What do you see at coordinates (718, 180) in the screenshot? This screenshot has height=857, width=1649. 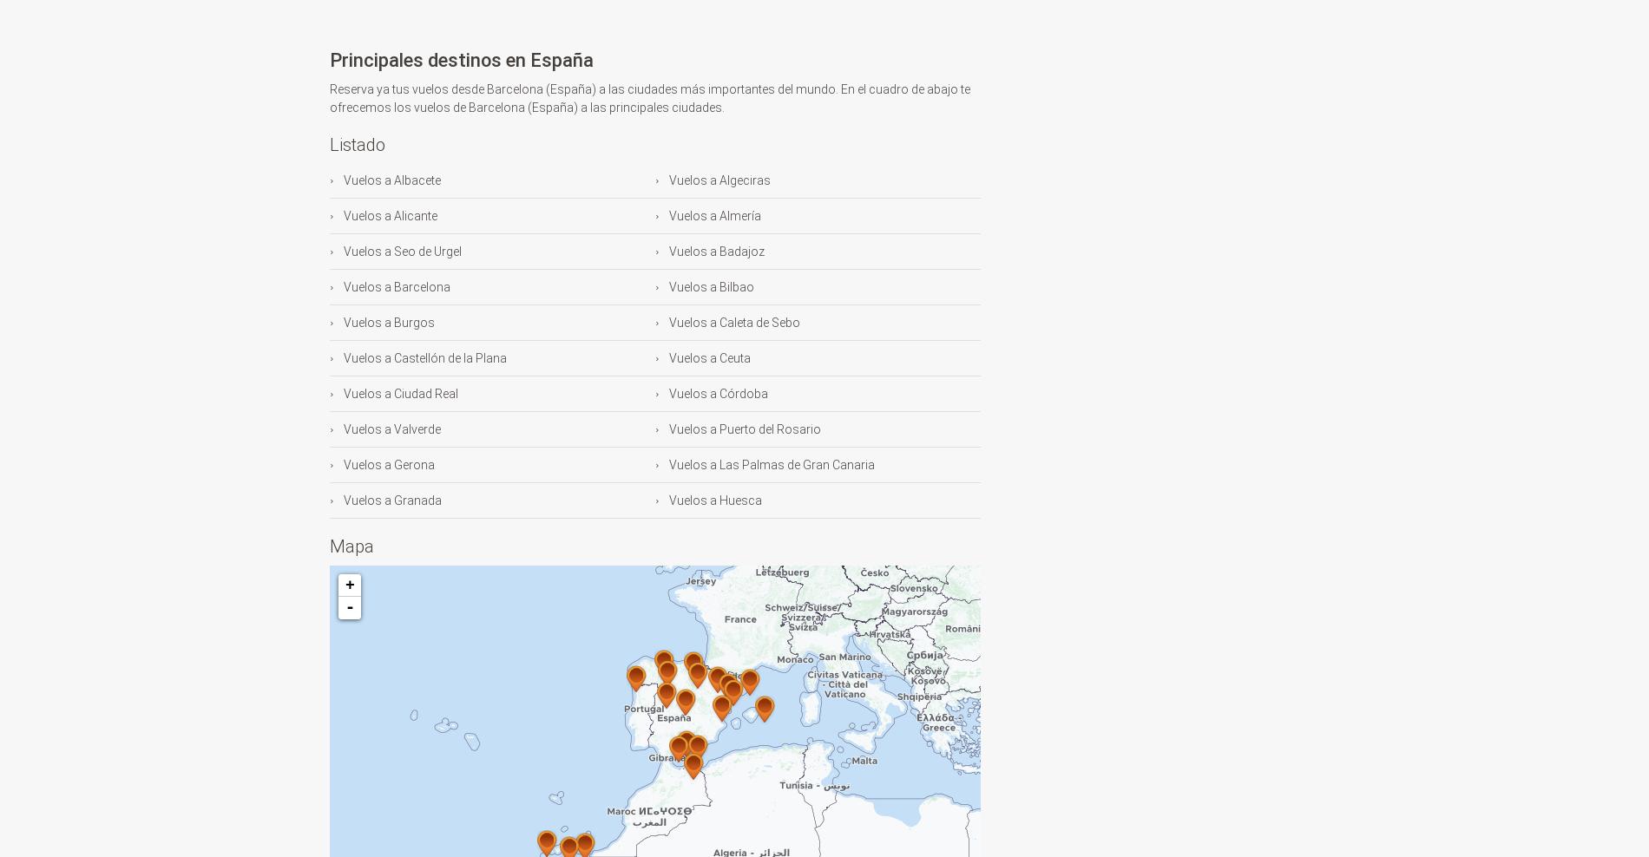 I see `'Vuelos a Algeciras'` at bounding box center [718, 180].